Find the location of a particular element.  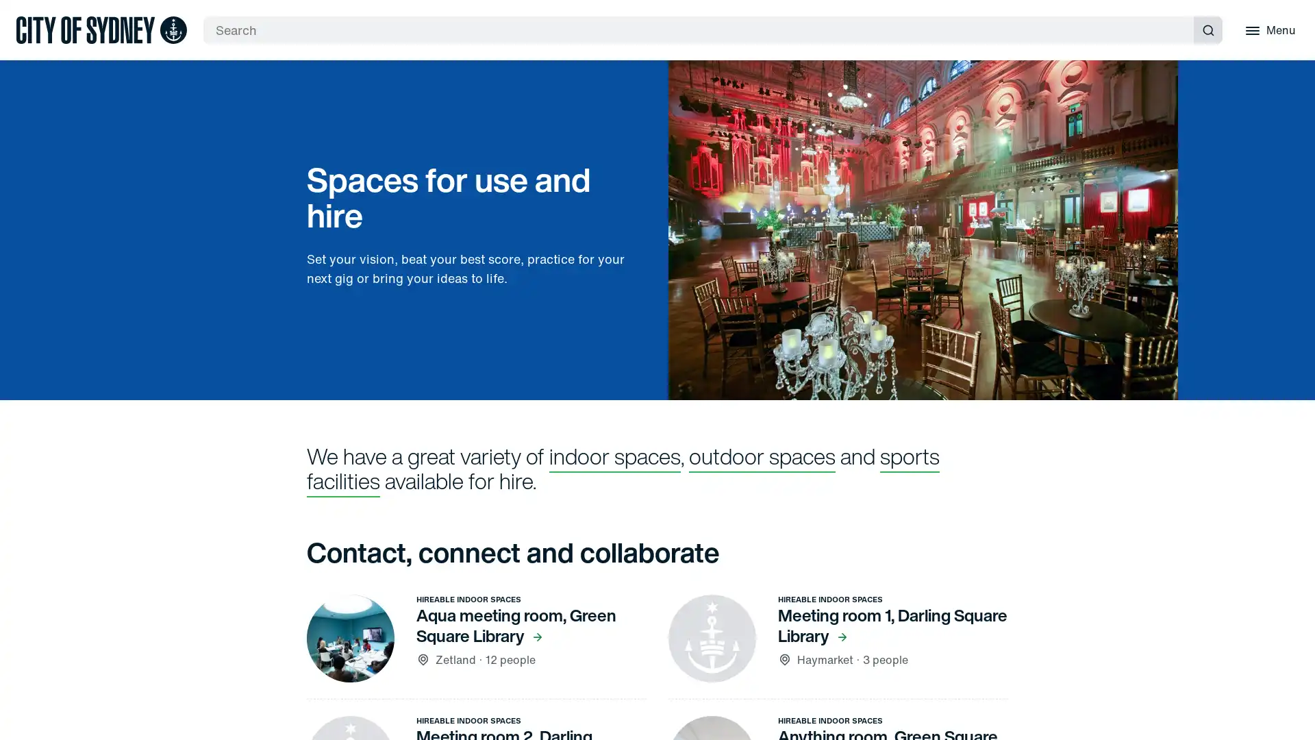

Menu is located at coordinates (1268, 29).